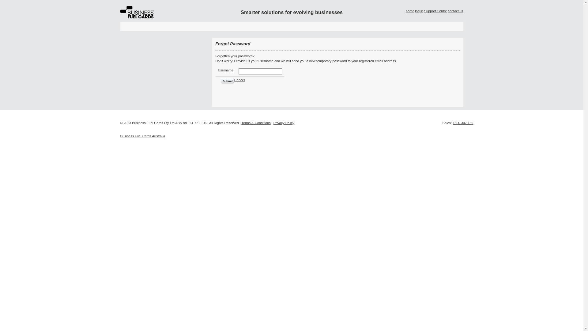 Image resolution: width=588 pixels, height=331 pixels. I want to click on '1300 307 159', so click(463, 123).